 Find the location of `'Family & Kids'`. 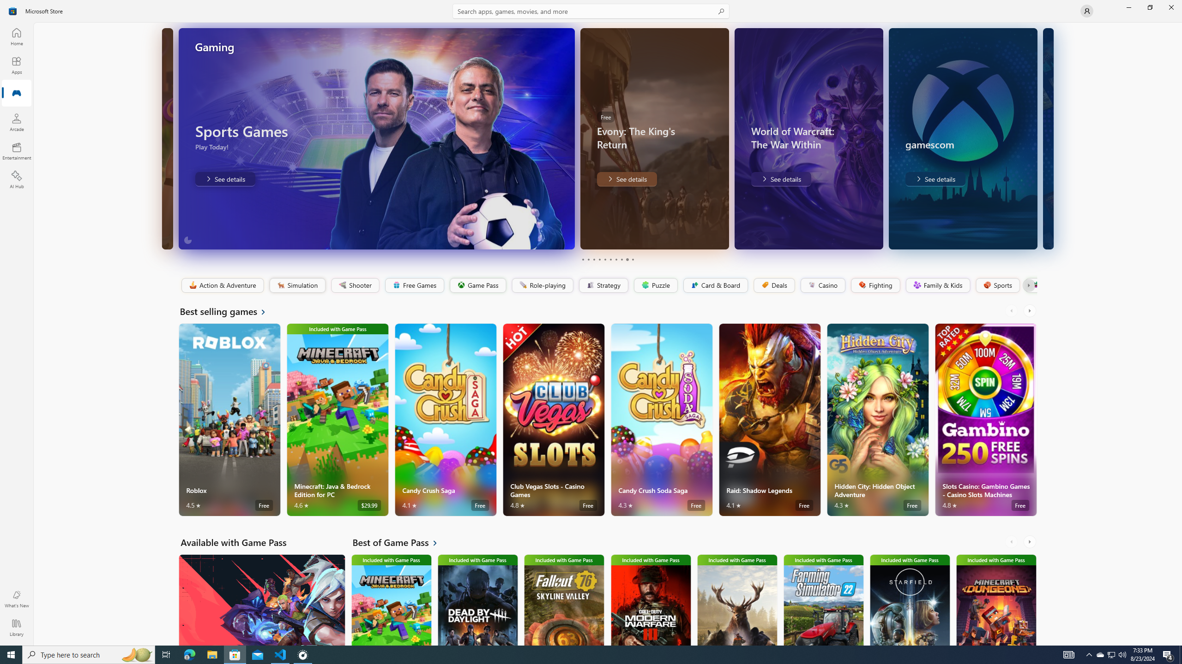

'Family & Kids' is located at coordinates (937, 285).